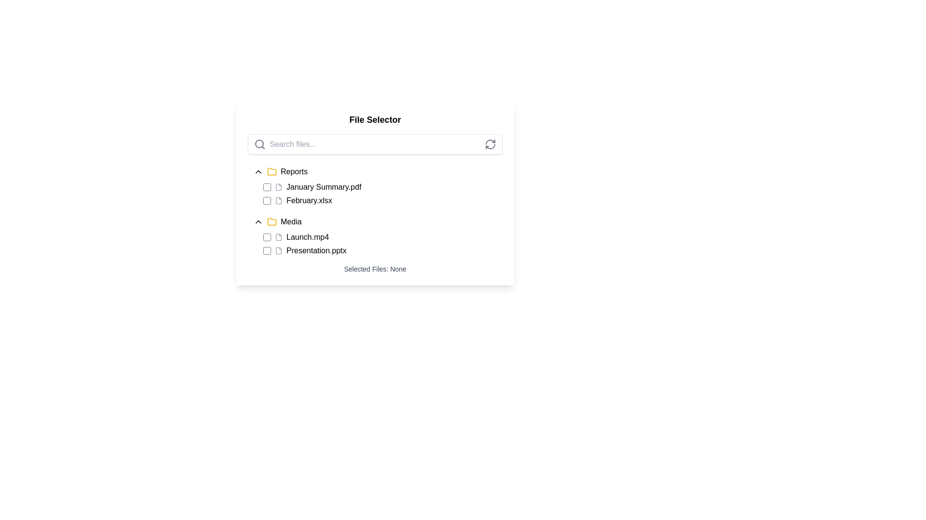  Describe the element at coordinates (278, 187) in the screenshot. I see `the gray outlined document icon representing 'January Summary.pdf' located in the 'Reports' folder` at that location.